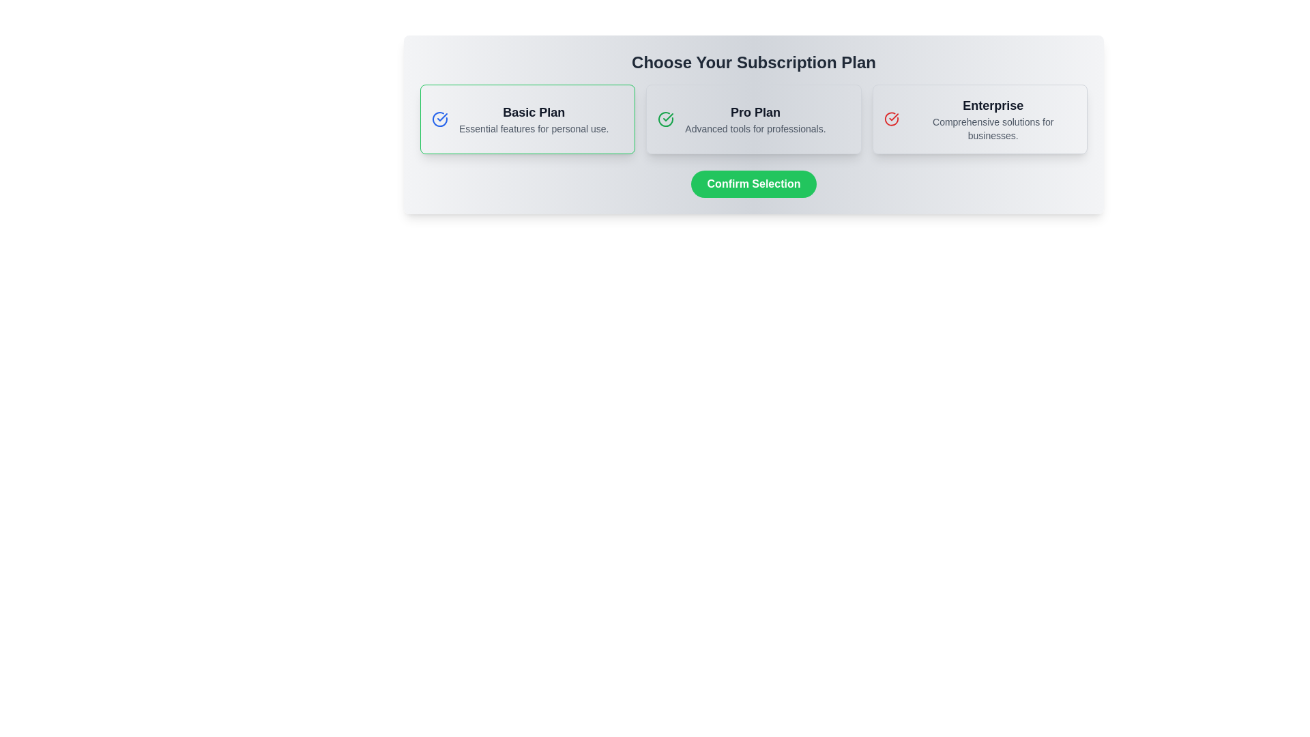 The height and width of the screenshot is (737, 1310). I want to click on the text label that serves as the title for the 'Basic Plan' subscription option card, located at the top section of the card, so click(533, 112).